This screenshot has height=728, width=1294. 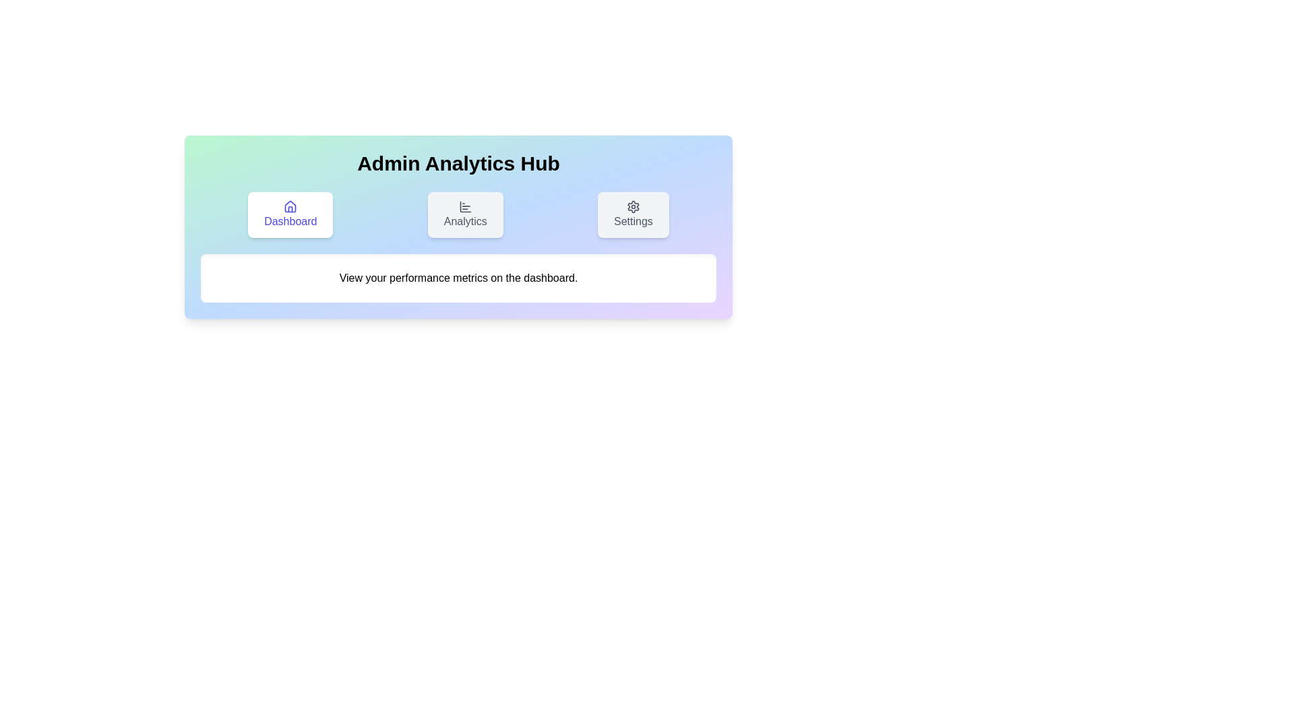 I want to click on the Settings tab by clicking on its button, so click(x=632, y=214).